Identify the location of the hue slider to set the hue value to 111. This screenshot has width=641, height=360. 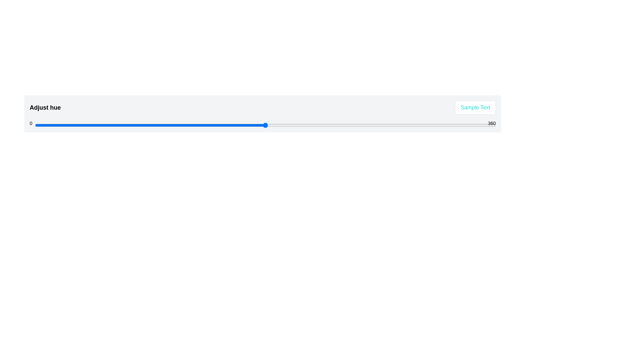
(177, 125).